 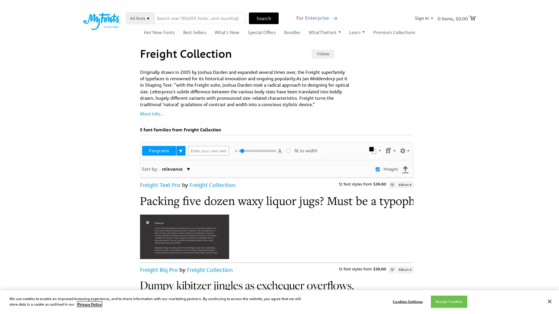 I want to click on Album, so click(x=405, y=185).